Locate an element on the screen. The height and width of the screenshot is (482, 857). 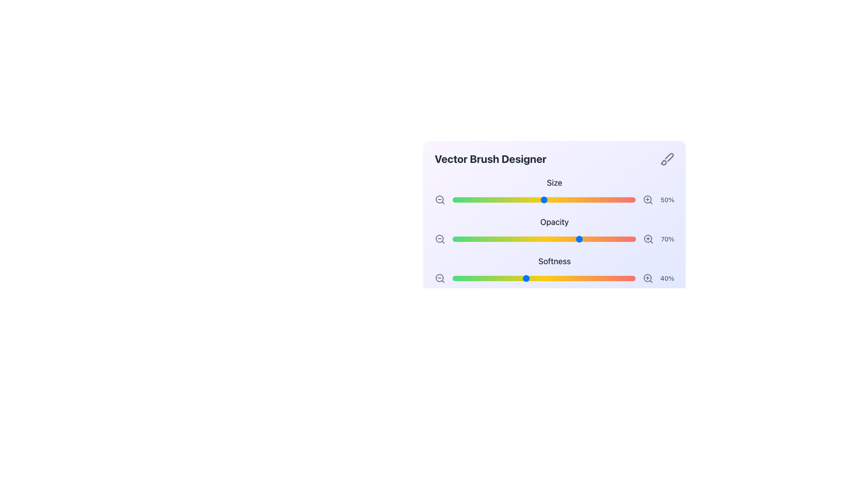
the Icon Button located to the right of the 'Opacity' slider, adjacent to the '70%' percentage display is located at coordinates (648, 239).